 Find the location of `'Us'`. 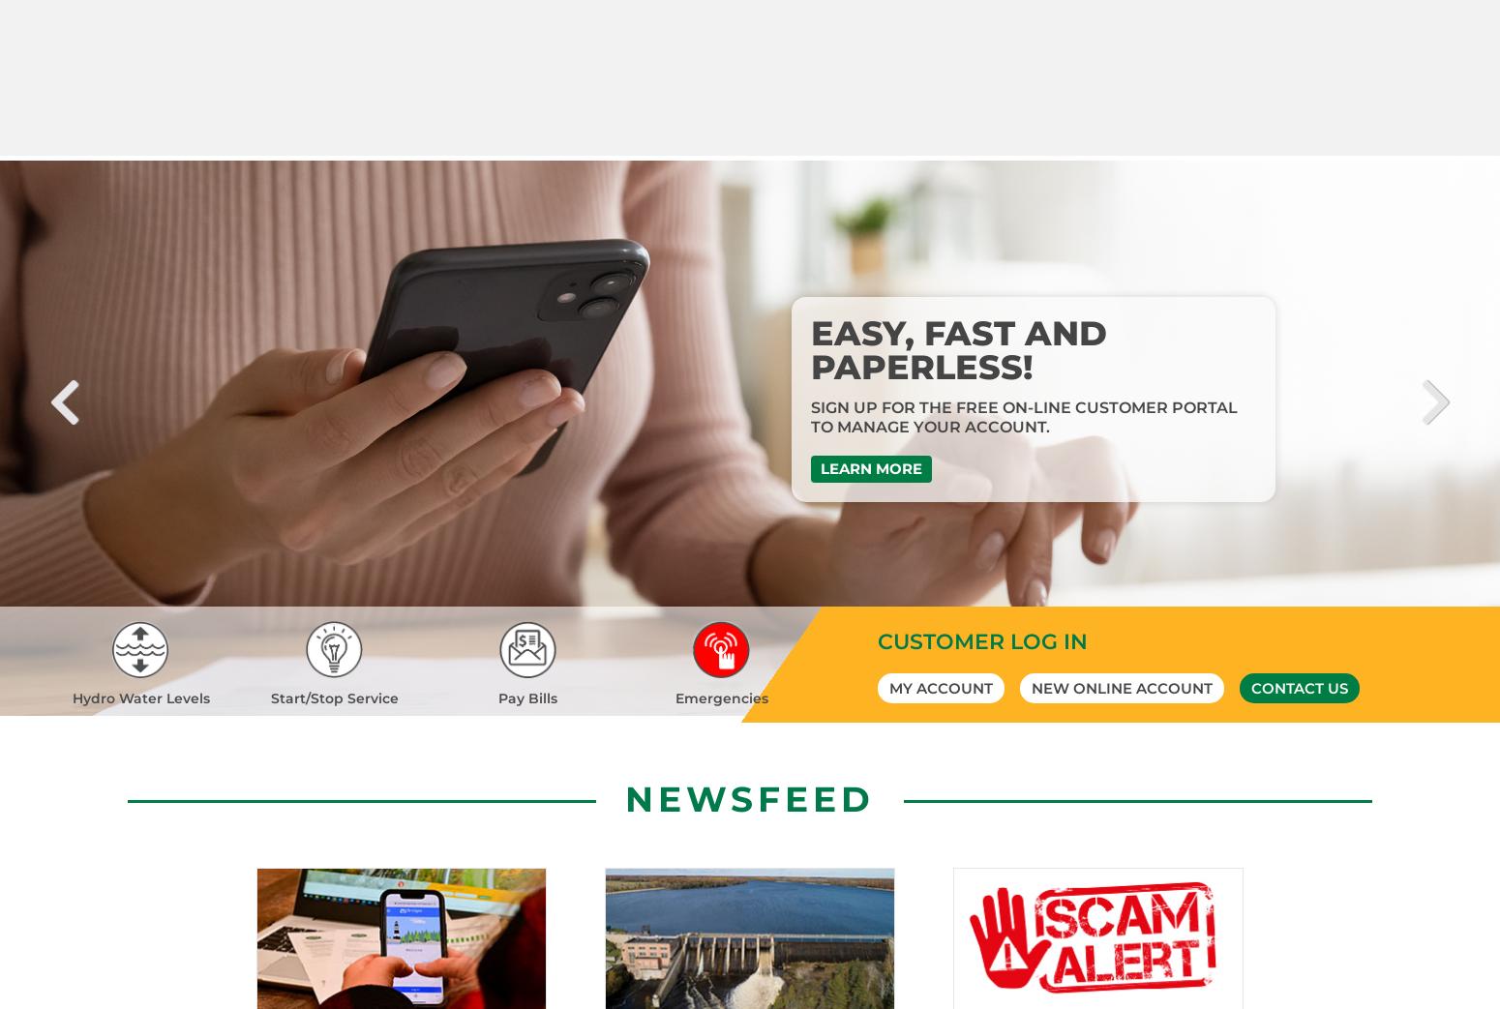

'Us' is located at coordinates (1191, 774).